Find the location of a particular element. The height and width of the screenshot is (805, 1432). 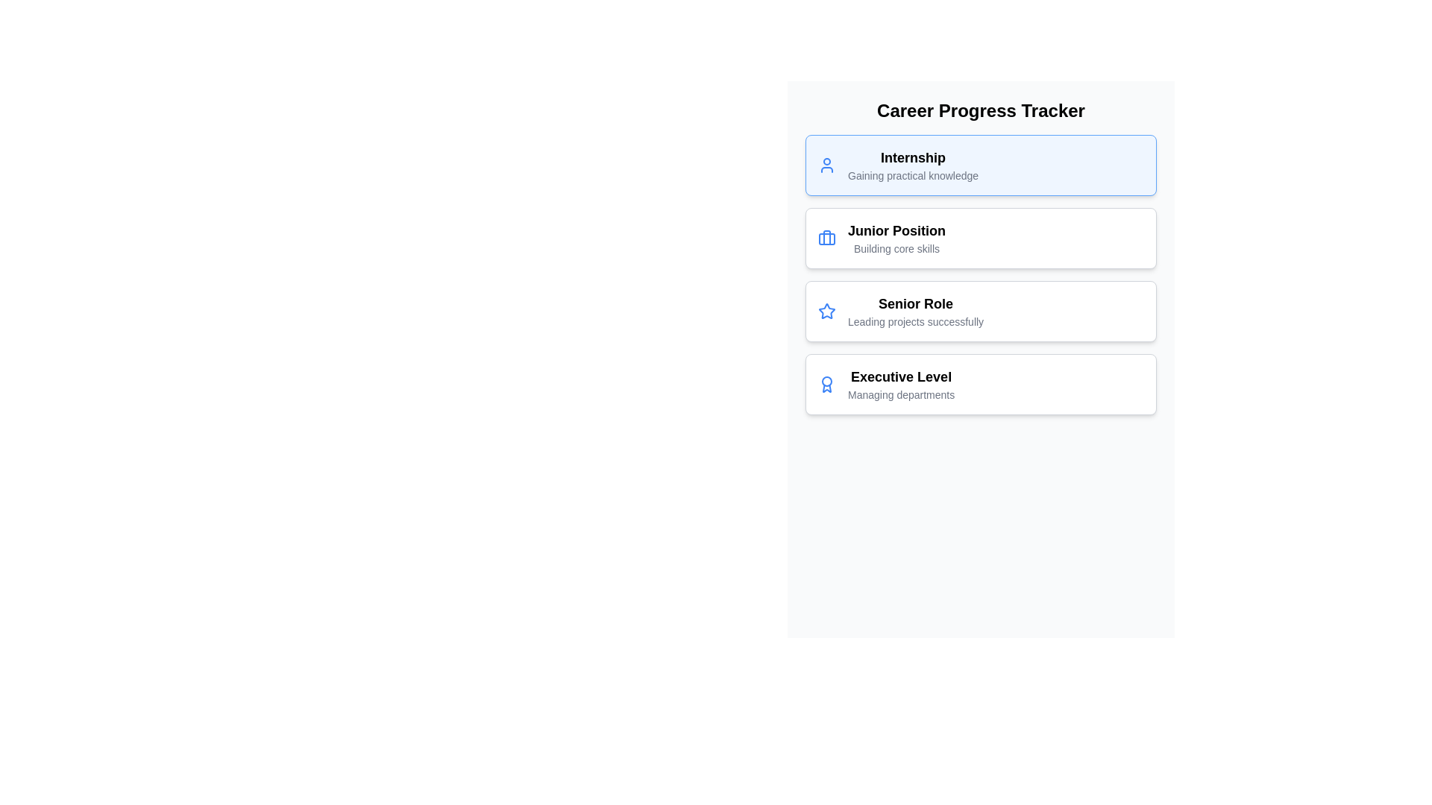

the descriptive text element positioned below the main title 'Senior Role' in the Career Progress Tracker interface is located at coordinates (915, 321).